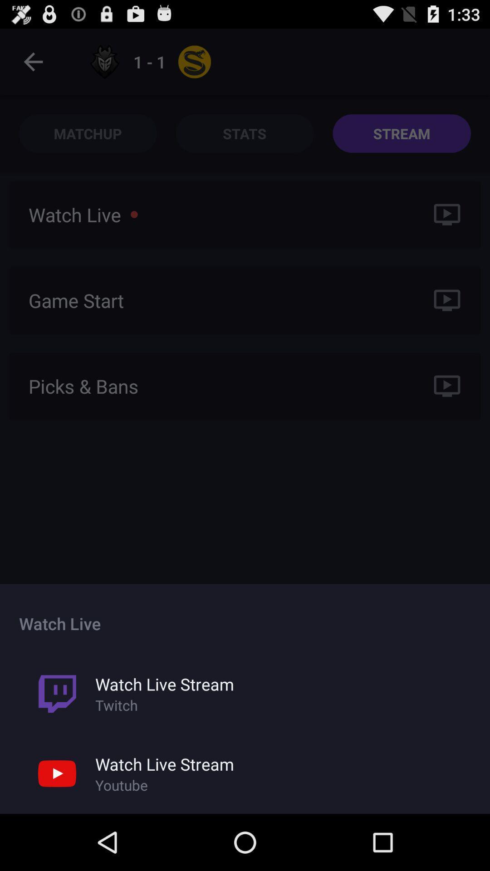 Image resolution: width=490 pixels, height=871 pixels. What do you see at coordinates (245, 421) in the screenshot?
I see `the icon at the center` at bounding box center [245, 421].